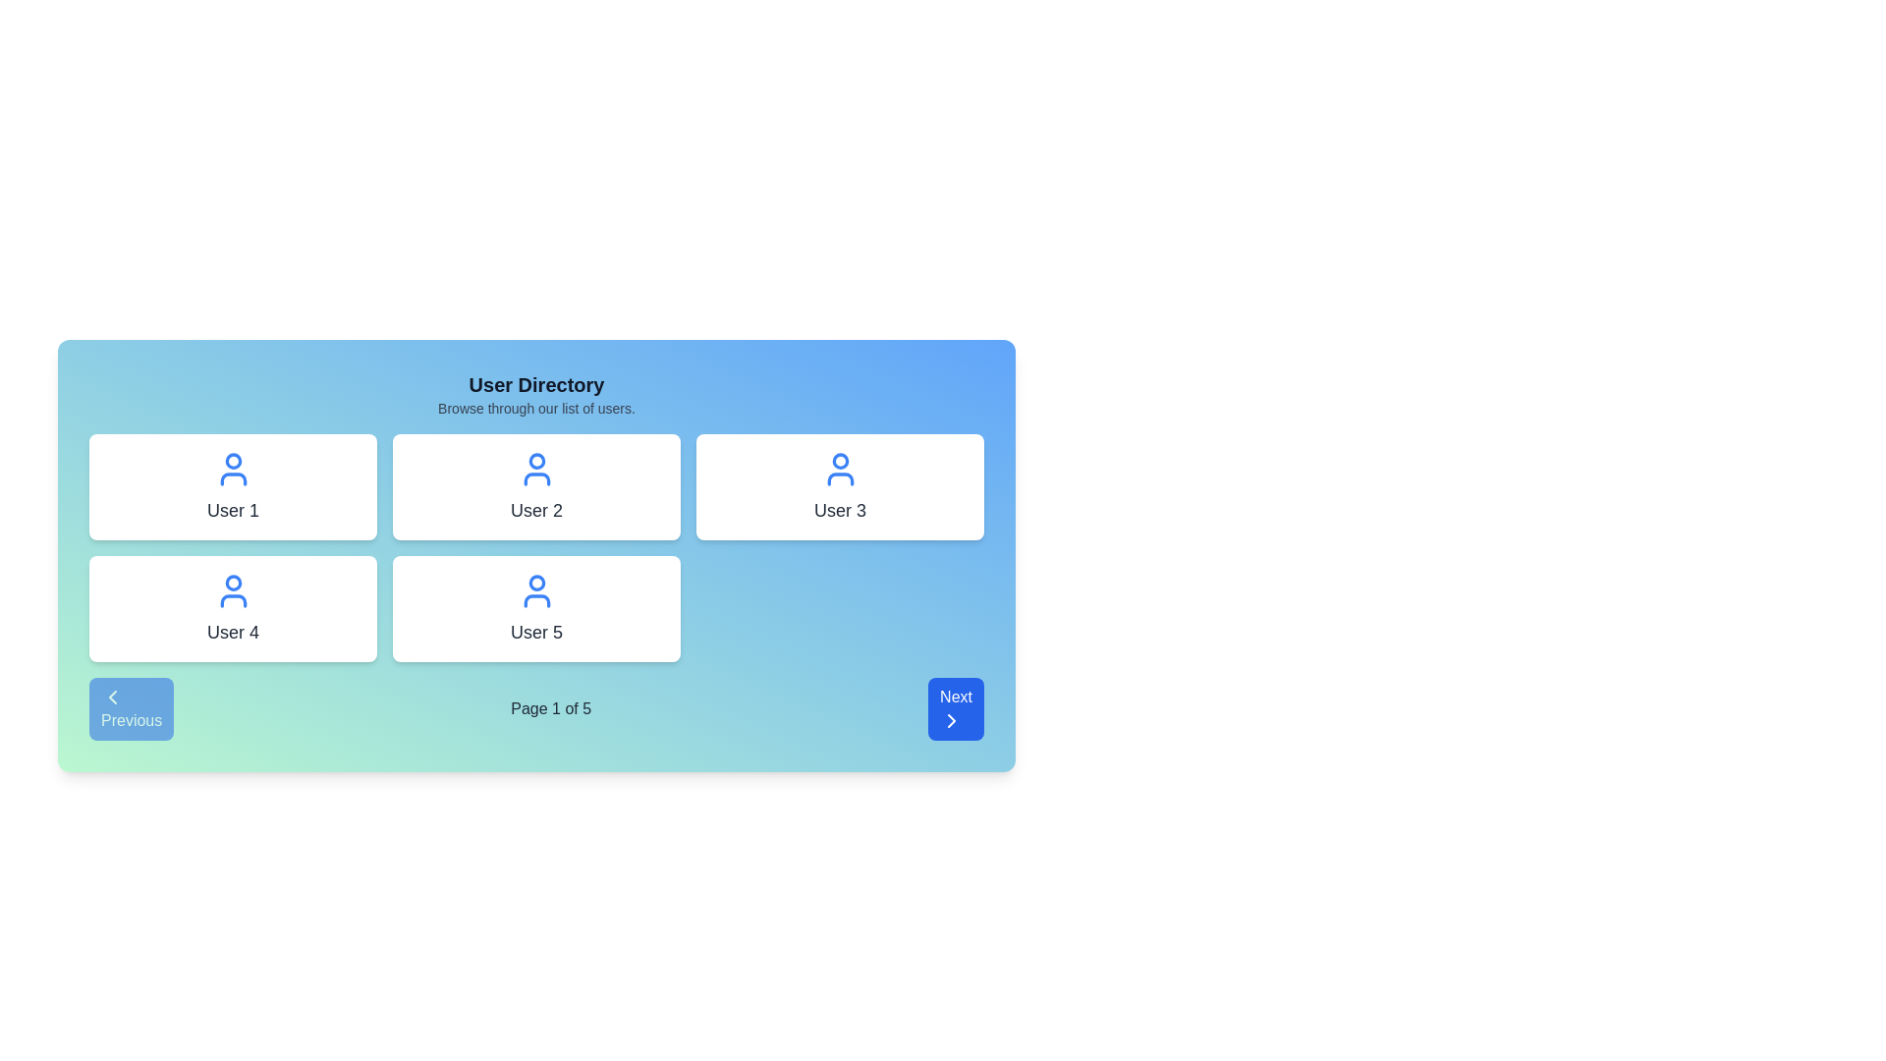 The height and width of the screenshot is (1061, 1886). I want to click on the lower semi-circular portion of the user avatar icon within the user card labeled 'User 1' located at the top-left corner of the interface, so click(233, 479).